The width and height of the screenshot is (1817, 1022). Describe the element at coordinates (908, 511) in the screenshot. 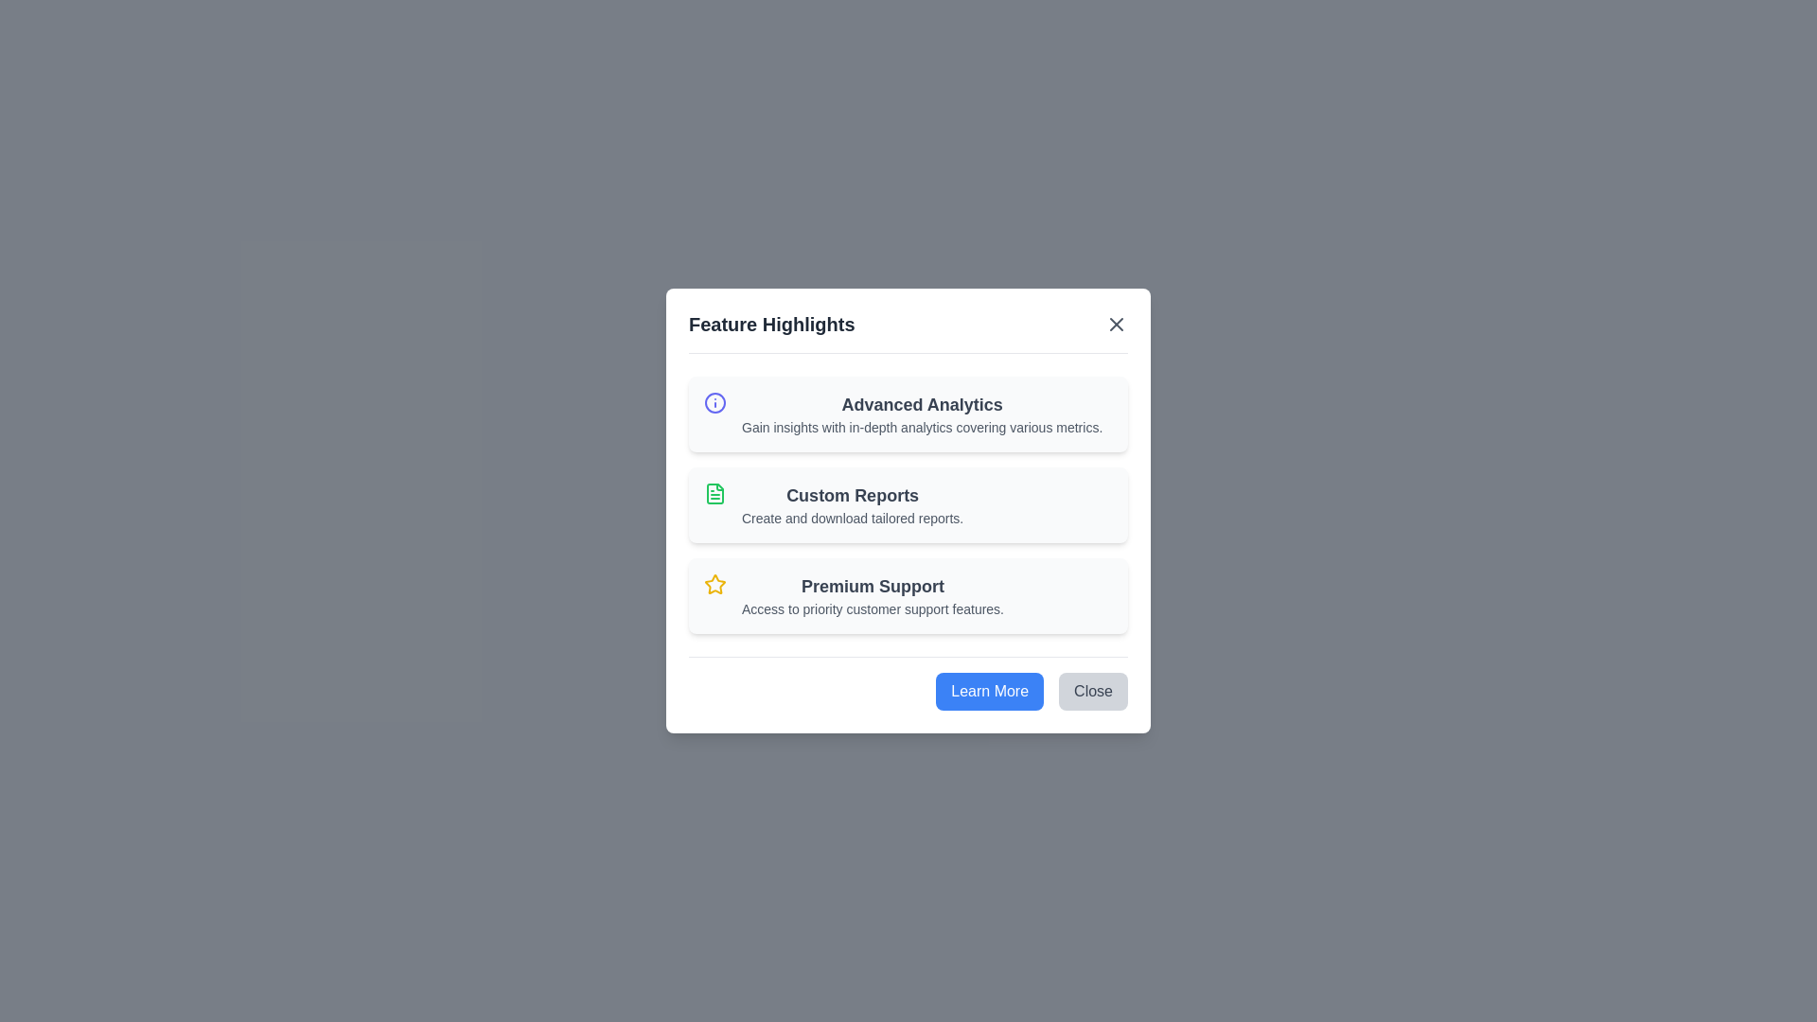

I see `text from the 'Custom Reports' feature card, which is the second card in a vertically stacked list within the centered modal, located below 'Advanced Analytics'` at that location.